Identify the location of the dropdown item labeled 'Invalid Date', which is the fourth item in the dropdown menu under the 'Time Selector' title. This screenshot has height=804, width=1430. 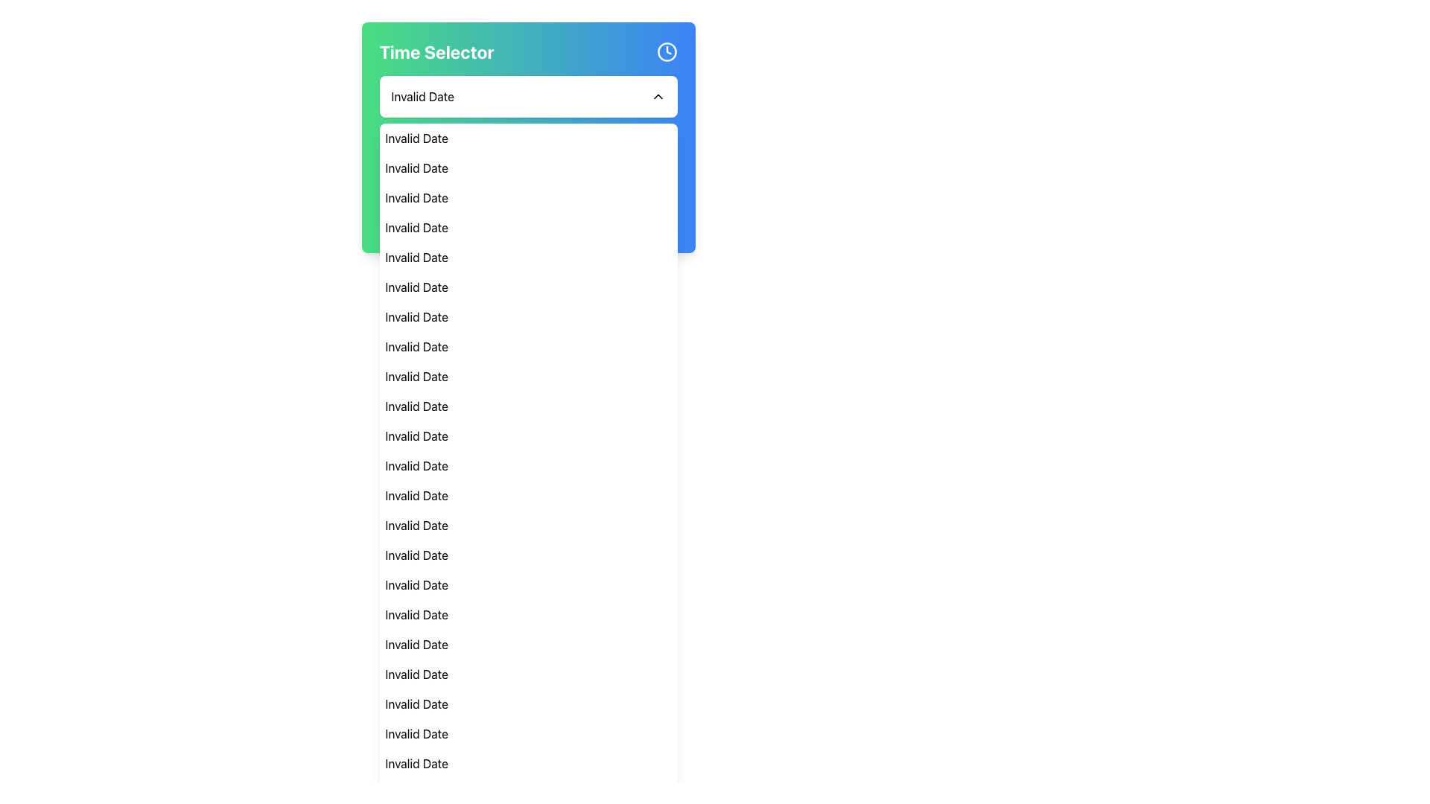
(528, 227).